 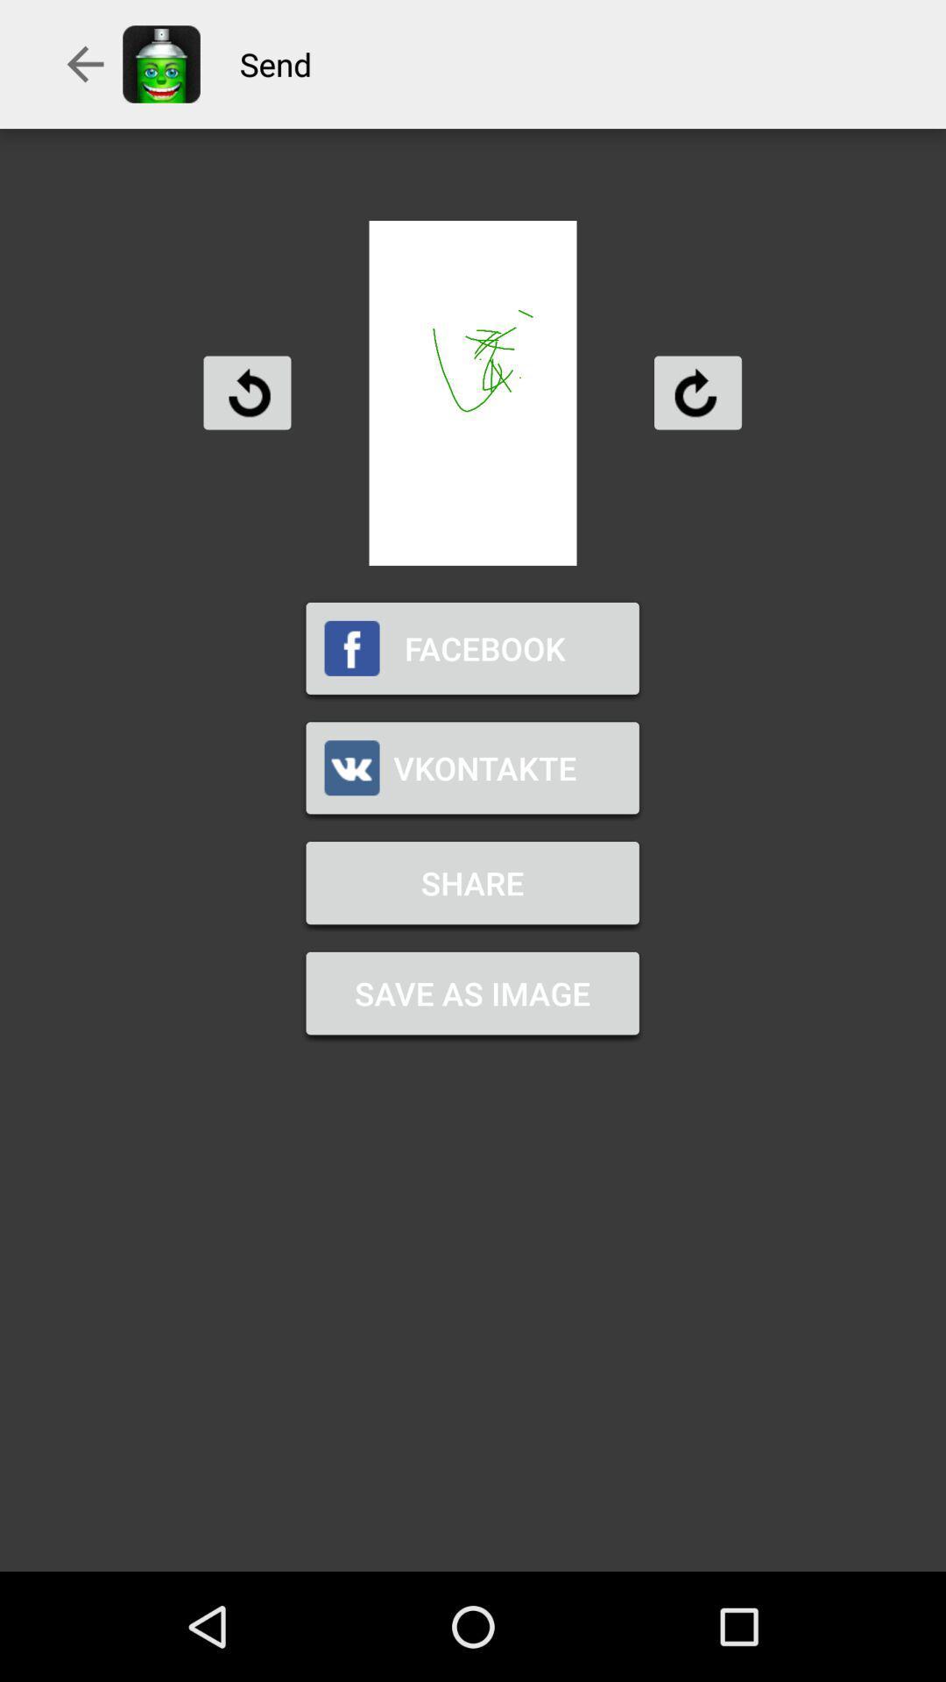 What do you see at coordinates (247, 392) in the screenshot?
I see `icon above the facebook item` at bounding box center [247, 392].